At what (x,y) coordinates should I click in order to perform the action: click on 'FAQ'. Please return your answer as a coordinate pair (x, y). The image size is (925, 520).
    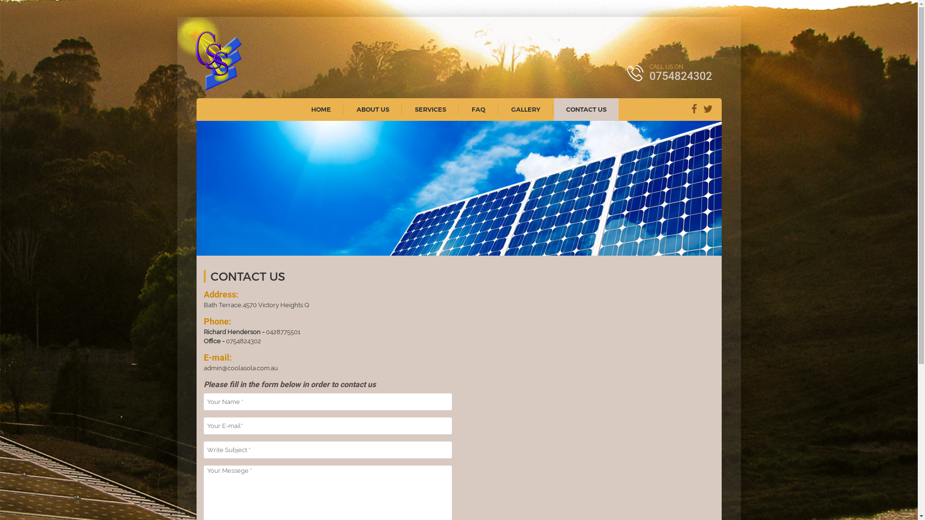
    Looking at the image, I should click on (478, 109).